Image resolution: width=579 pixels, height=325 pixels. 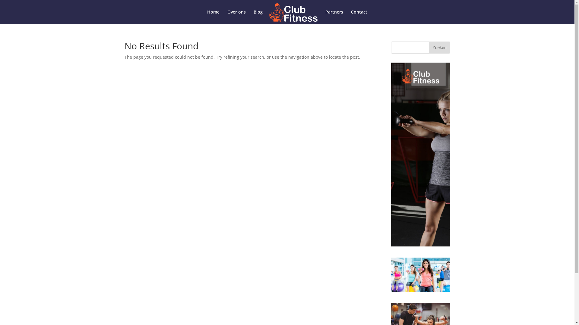 I want to click on 'Blog', so click(x=253, y=17).